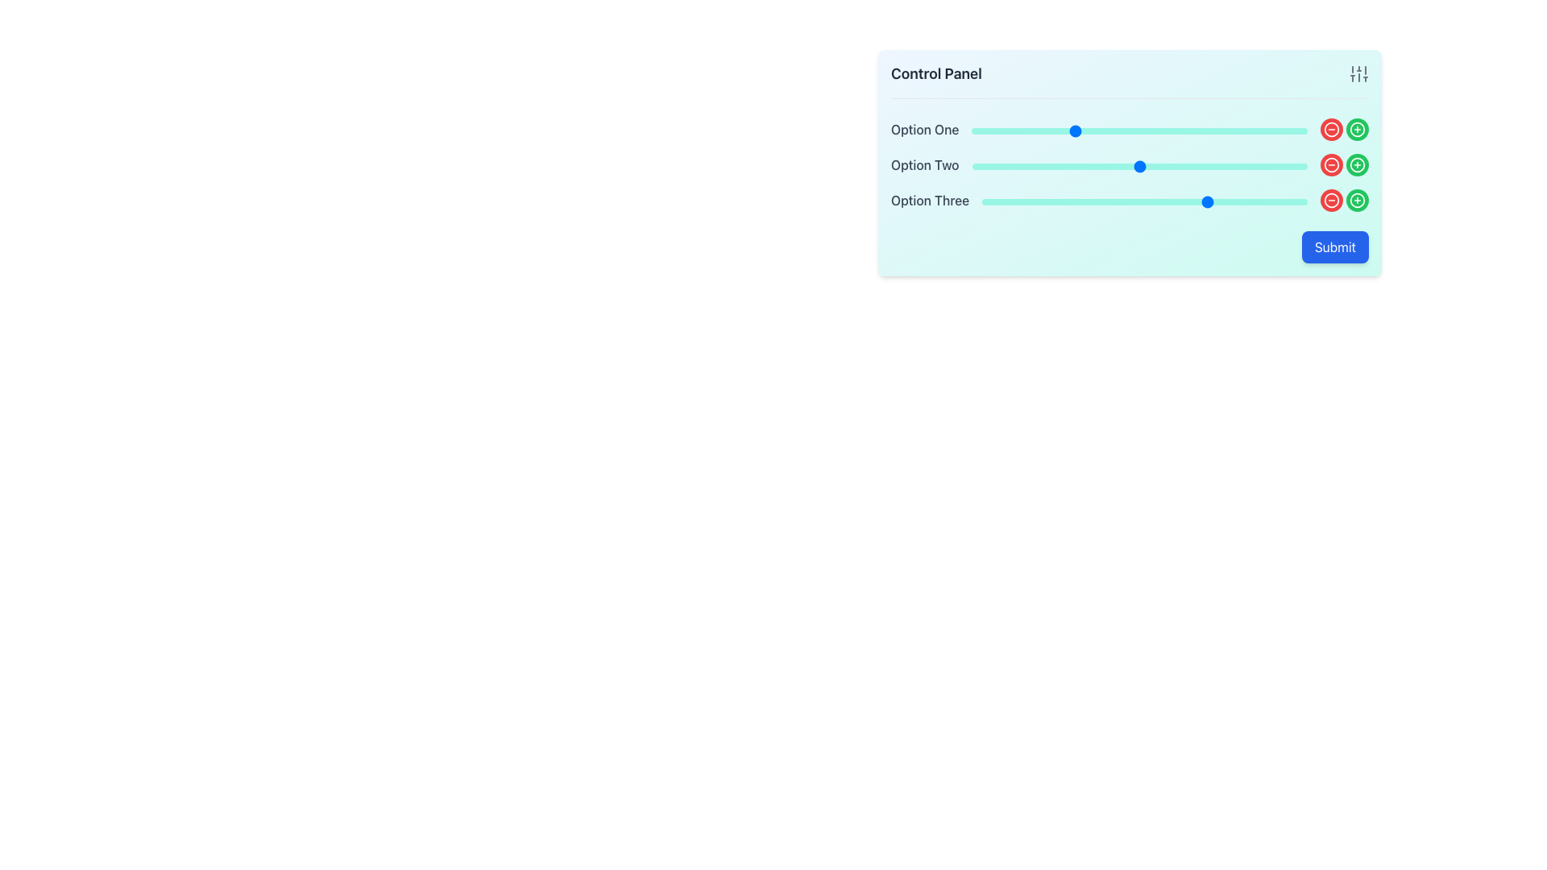  Describe the element at coordinates (1126, 167) in the screenshot. I see `the slider` at that location.